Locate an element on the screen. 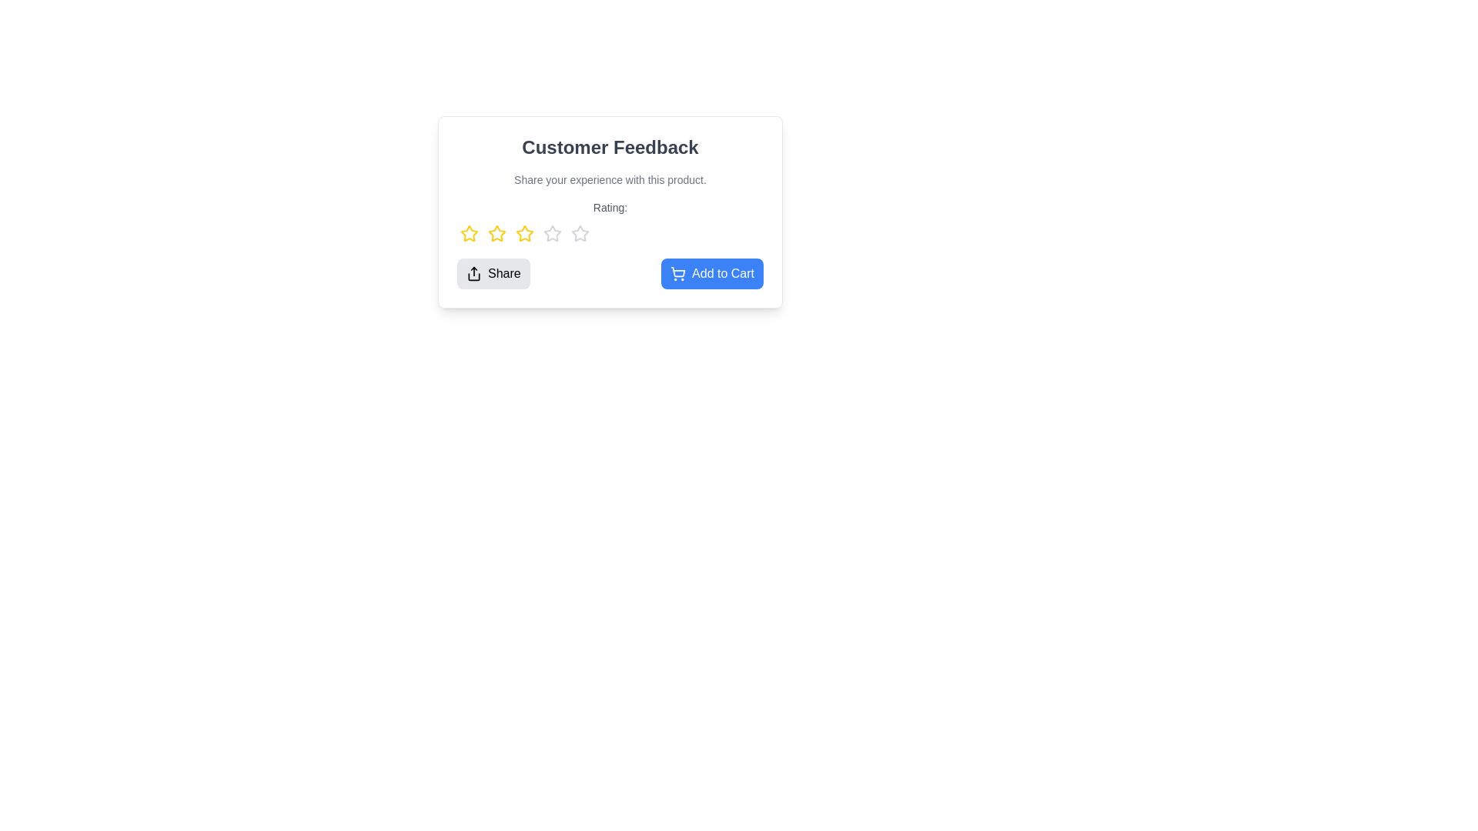  the star corresponding to the desired rating value 5 is located at coordinates (579, 234).